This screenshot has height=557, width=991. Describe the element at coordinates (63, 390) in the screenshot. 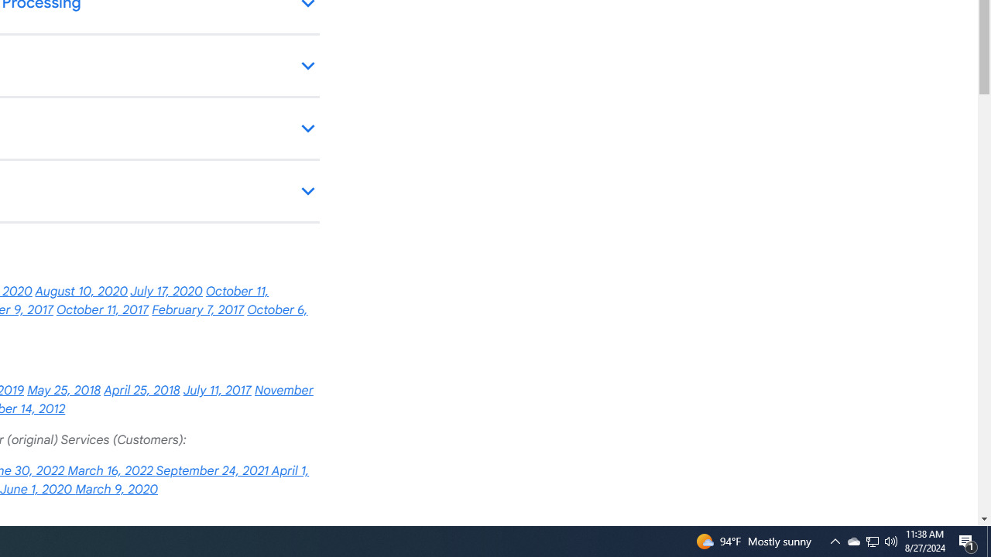

I see `'May 25, 2018'` at that location.